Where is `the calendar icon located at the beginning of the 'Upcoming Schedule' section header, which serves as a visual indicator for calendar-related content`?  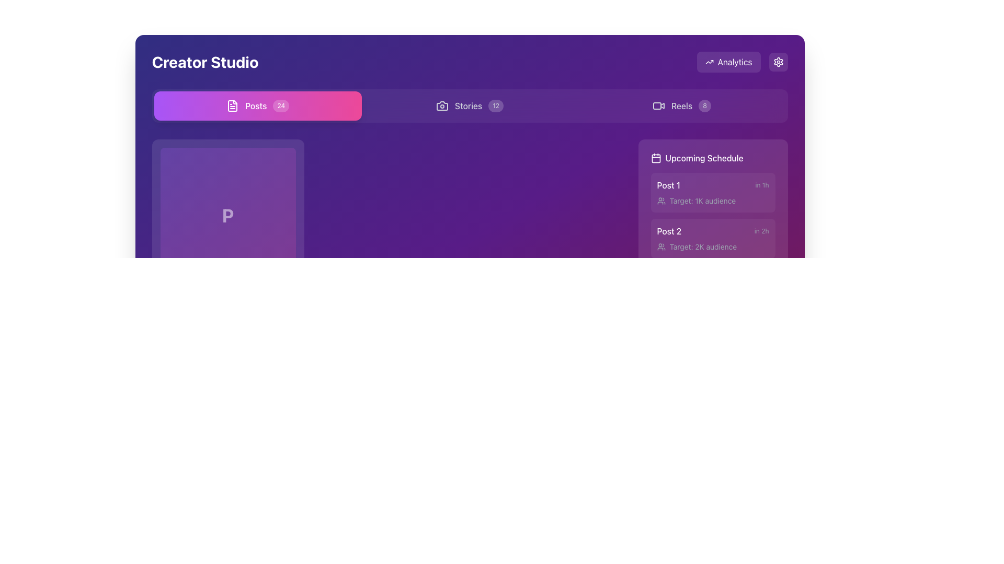
the calendar icon located at the beginning of the 'Upcoming Schedule' section header, which serves as a visual indicator for calendar-related content is located at coordinates (655, 158).